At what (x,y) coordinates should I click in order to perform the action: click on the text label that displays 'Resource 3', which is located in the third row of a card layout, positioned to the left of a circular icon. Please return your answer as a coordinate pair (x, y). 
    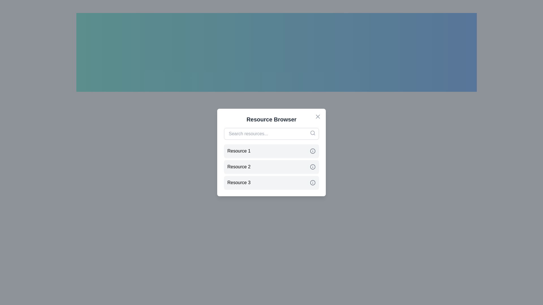
    Looking at the image, I should click on (239, 183).